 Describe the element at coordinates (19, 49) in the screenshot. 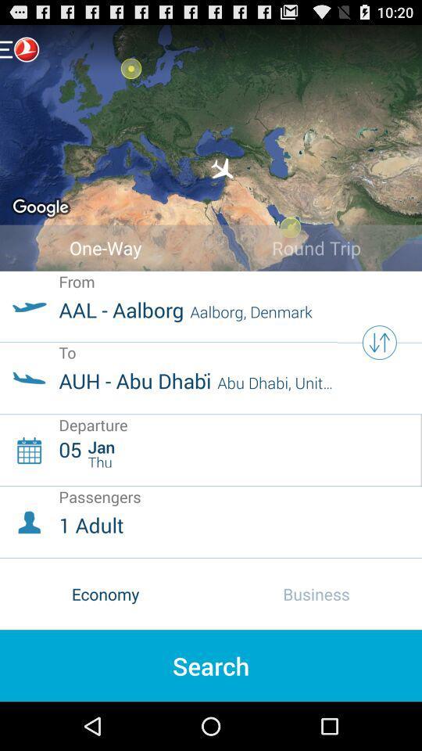

I see `open sidebar` at that location.